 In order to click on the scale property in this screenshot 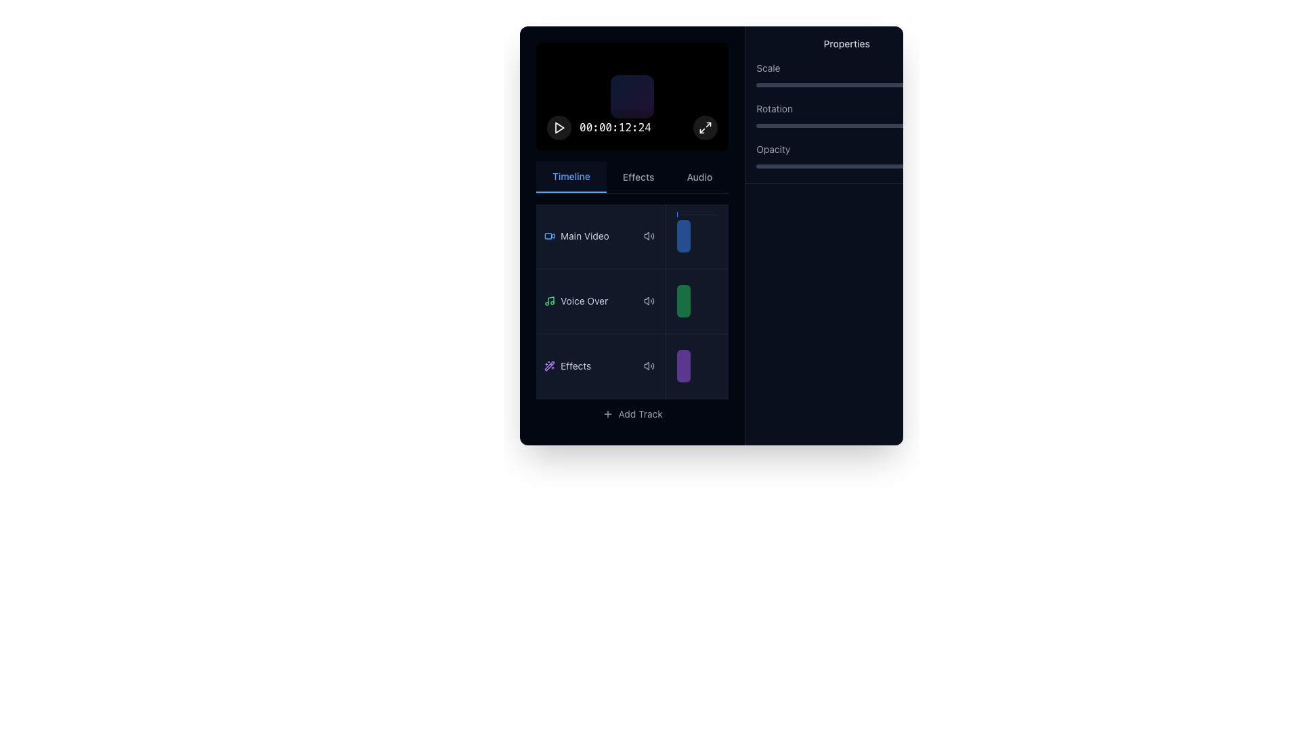, I will do `click(792, 85)`.